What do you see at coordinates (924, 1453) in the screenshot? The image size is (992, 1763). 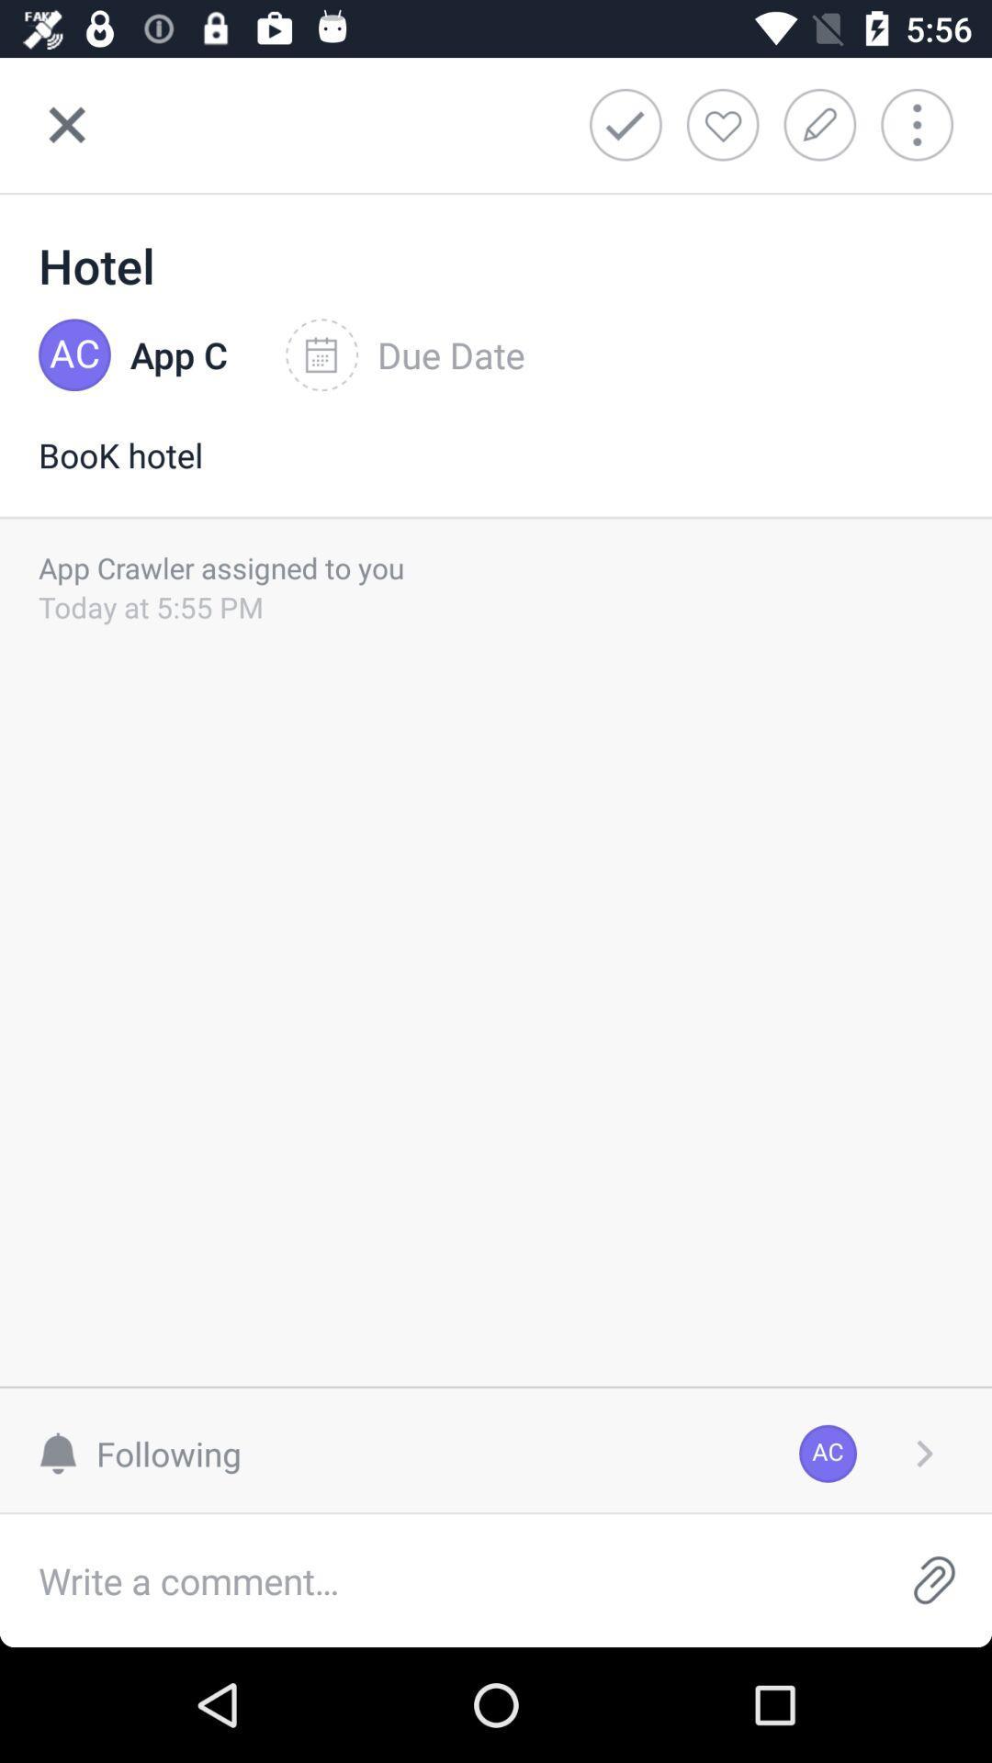 I see `the right arrow mark at the right bottom right to ac` at bounding box center [924, 1453].